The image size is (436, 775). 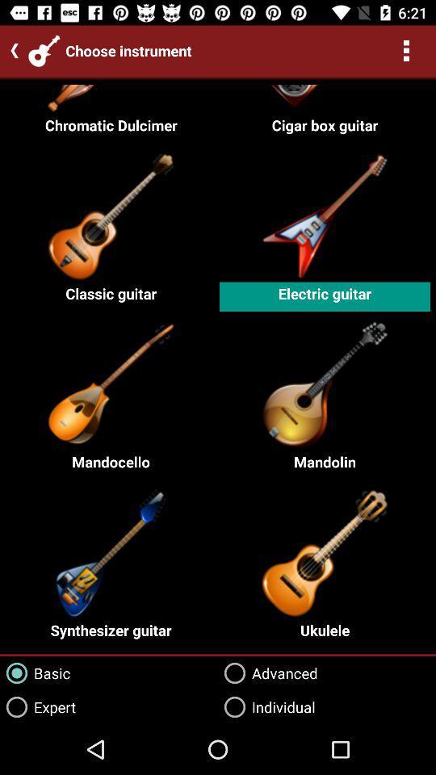 What do you see at coordinates (44, 50) in the screenshot?
I see `the guitar icon at top left corner` at bounding box center [44, 50].